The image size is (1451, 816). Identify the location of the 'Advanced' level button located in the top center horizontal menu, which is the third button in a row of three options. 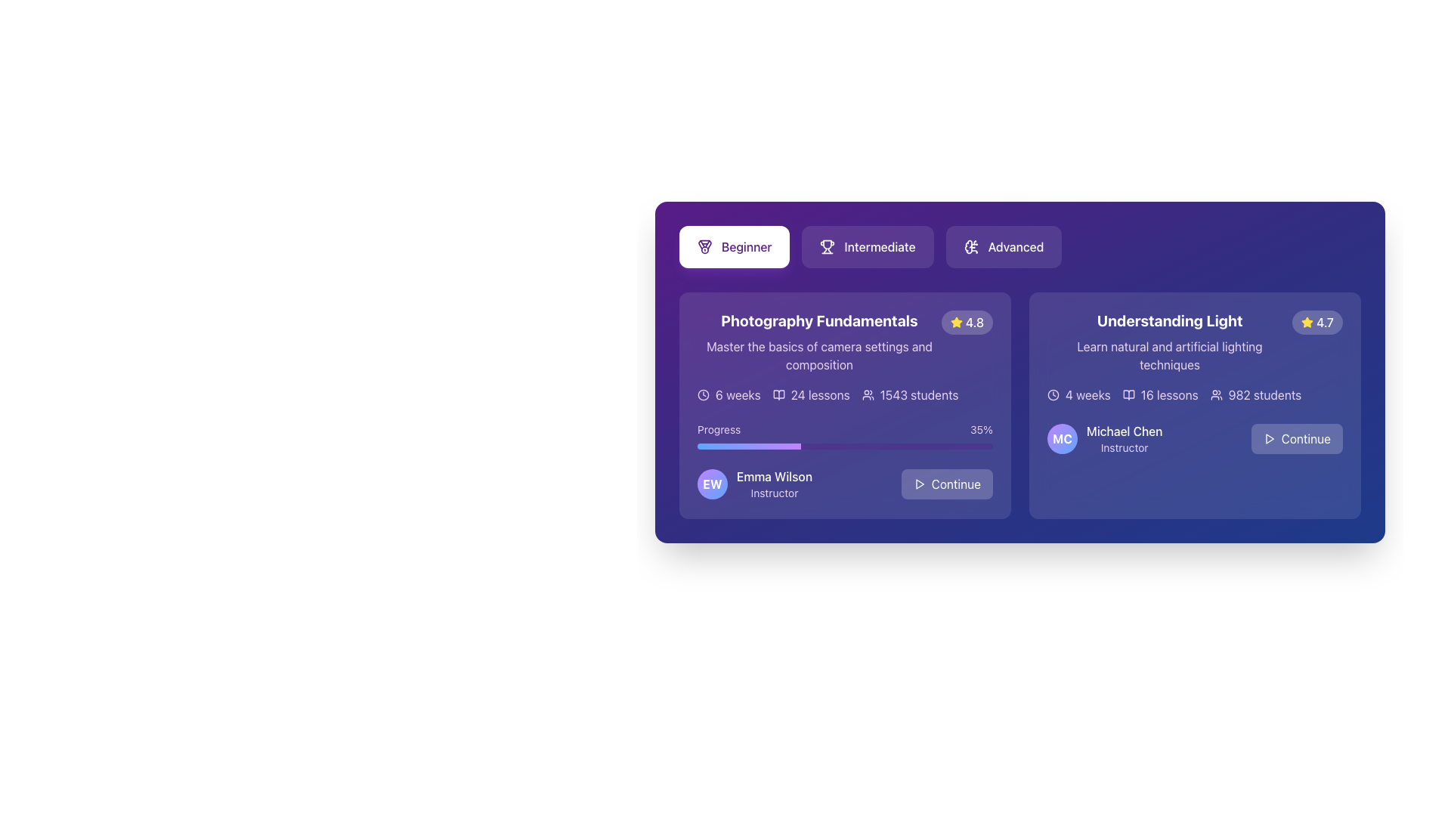
(1004, 246).